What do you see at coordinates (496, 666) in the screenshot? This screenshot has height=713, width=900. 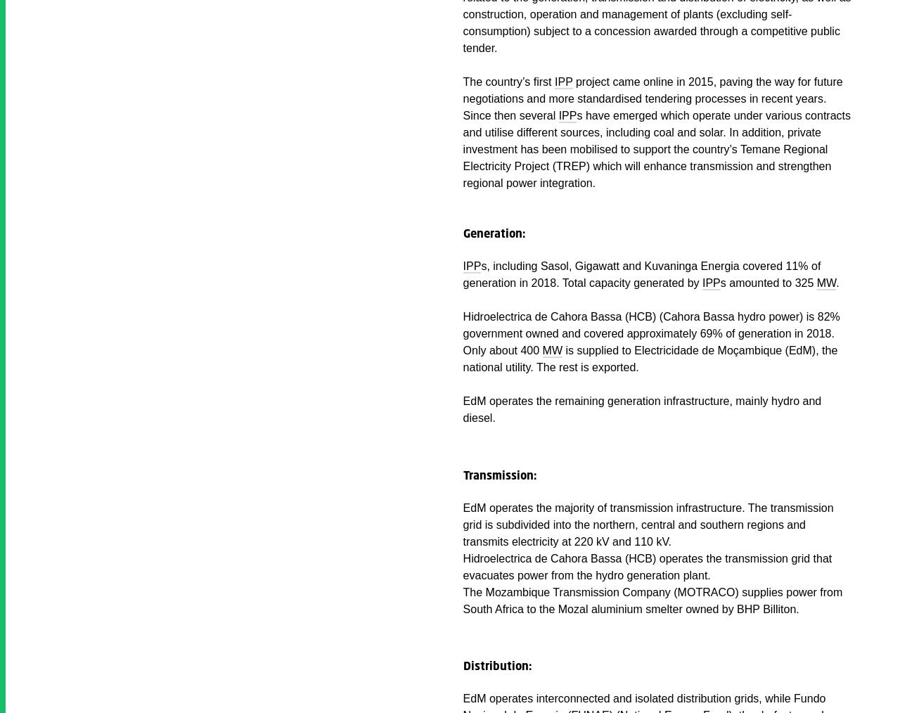 I see `'Distribution:'` at bounding box center [496, 666].